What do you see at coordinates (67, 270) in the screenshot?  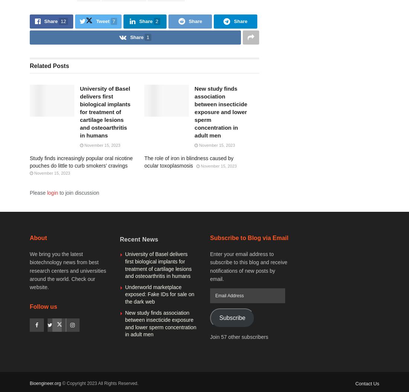 I see `'We bring you the latest biotechnology news from best research centers and universities around the world. Check our website.'` at bounding box center [67, 270].